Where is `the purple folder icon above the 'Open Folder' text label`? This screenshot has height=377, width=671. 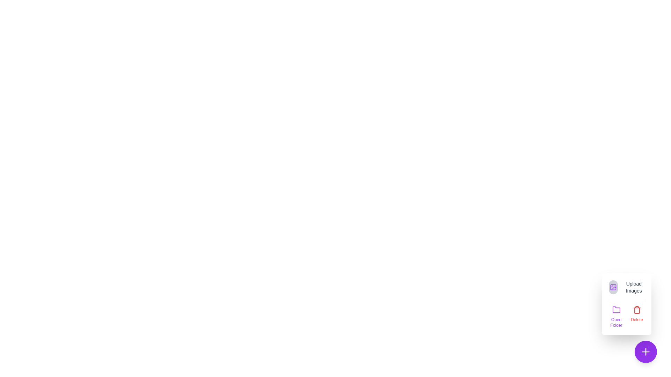
the purple folder icon above the 'Open Folder' text label is located at coordinates (616, 309).